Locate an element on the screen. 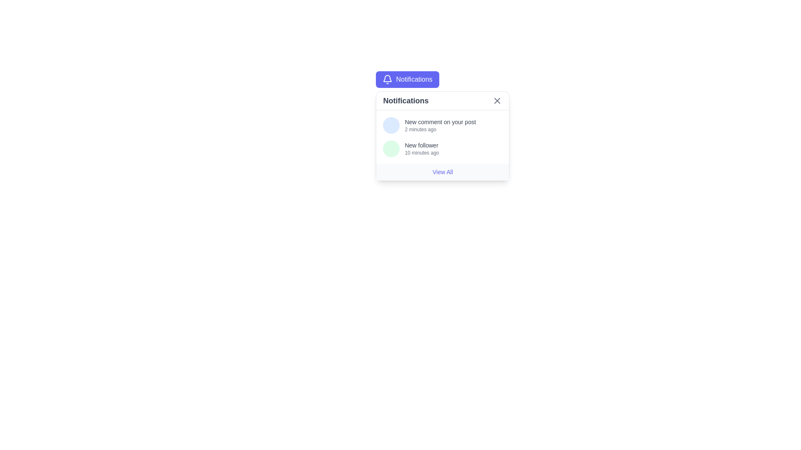  the text link at the bottom of the notification dropdown to activate hover effects is located at coordinates (442, 171).